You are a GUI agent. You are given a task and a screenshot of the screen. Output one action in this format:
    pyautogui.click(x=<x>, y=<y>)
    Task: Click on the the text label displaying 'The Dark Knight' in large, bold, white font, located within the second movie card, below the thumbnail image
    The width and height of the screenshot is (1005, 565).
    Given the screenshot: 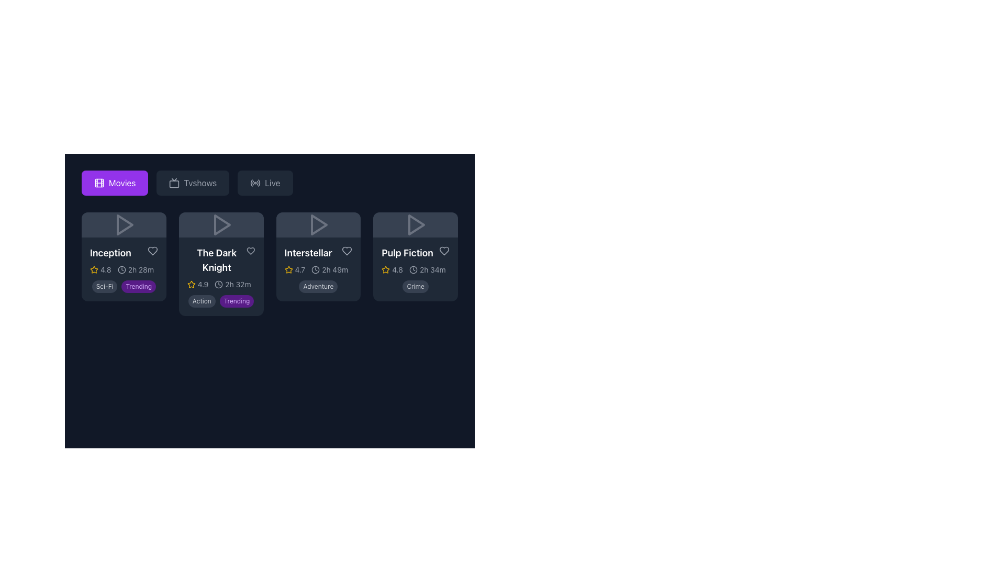 What is the action you would take?
    pyautogui.click(x=216, y=259)
    